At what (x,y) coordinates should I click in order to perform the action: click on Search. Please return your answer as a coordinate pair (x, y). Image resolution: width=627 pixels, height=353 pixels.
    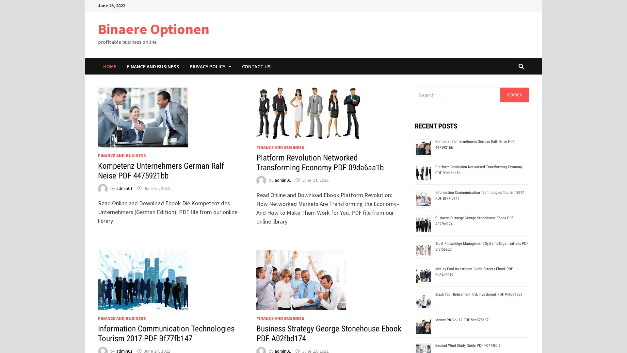
    Looking at the image, I should click on (514, 94).